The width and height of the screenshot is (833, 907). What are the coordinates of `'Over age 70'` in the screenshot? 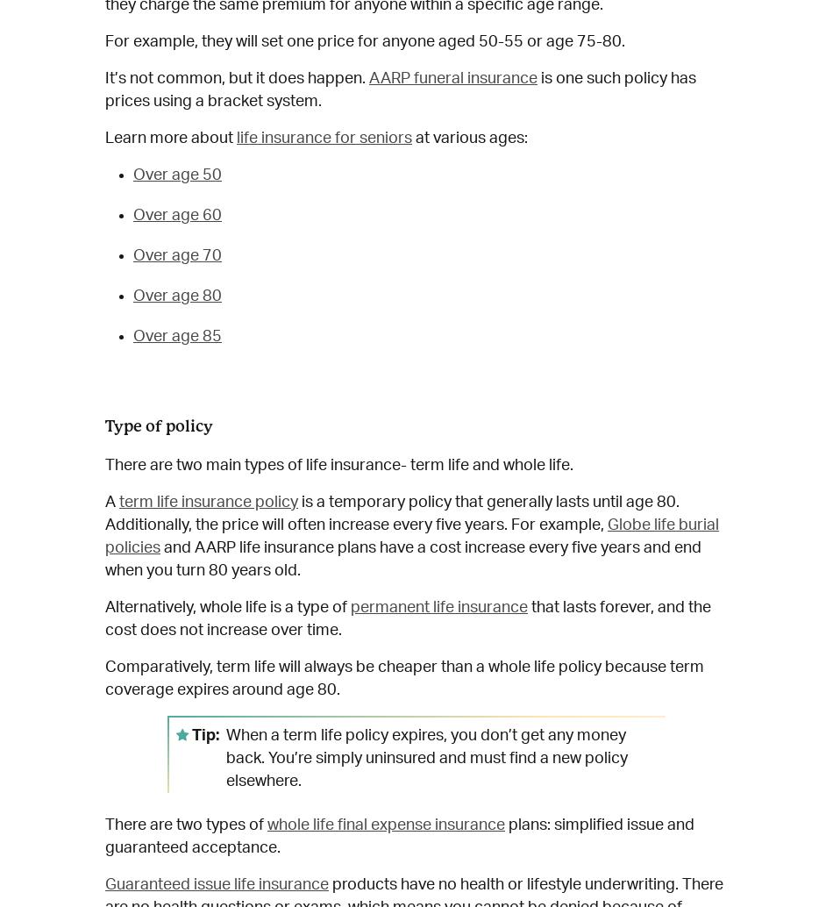 It's located at (177, 254).